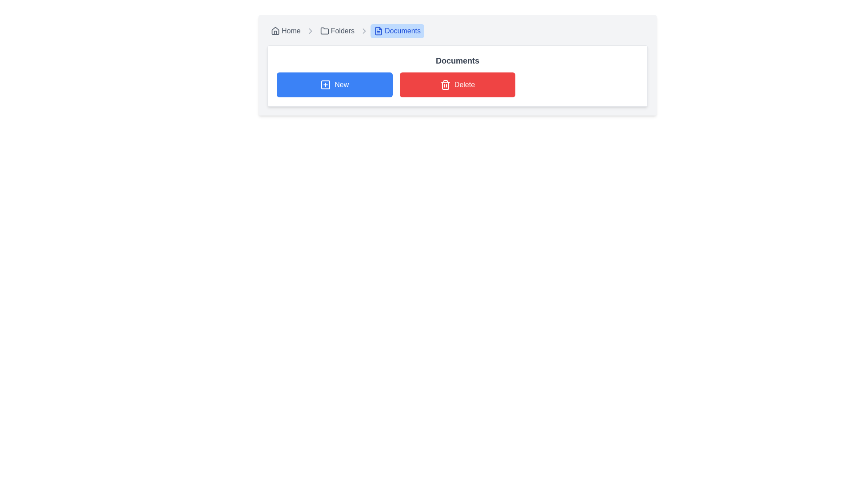  Describe the element at coordinates (379, 30) in the screenshot. I see `the 'Documents' icon in the breadcrumb navigation located in the header section, positioned to the right of 'Home' and 'Folders'` at that location.